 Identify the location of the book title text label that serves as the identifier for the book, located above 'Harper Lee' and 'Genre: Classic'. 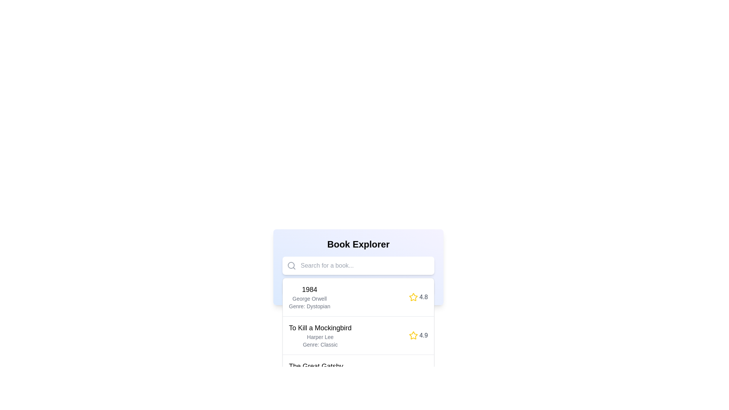
(320, 328).